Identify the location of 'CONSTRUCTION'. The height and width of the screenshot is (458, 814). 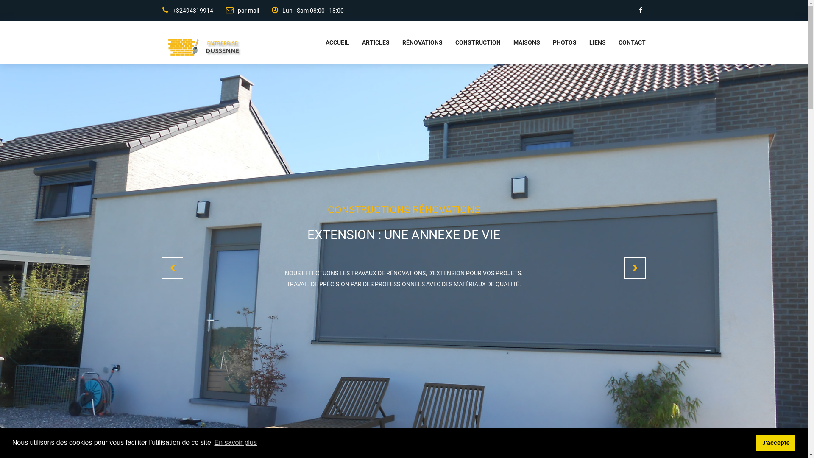
(471, 42).